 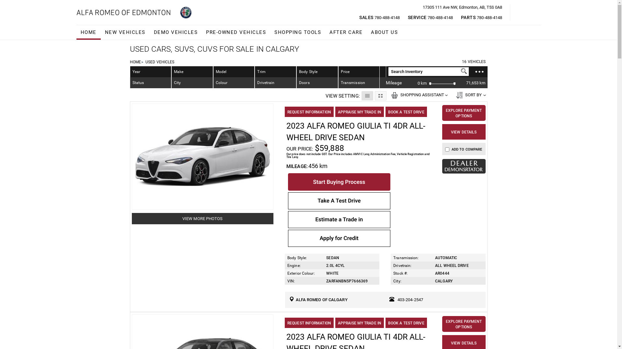 What do you see at coordinates (150, 72) in the screenshot?
I see `'Year'` at bounding box center [150, 72].